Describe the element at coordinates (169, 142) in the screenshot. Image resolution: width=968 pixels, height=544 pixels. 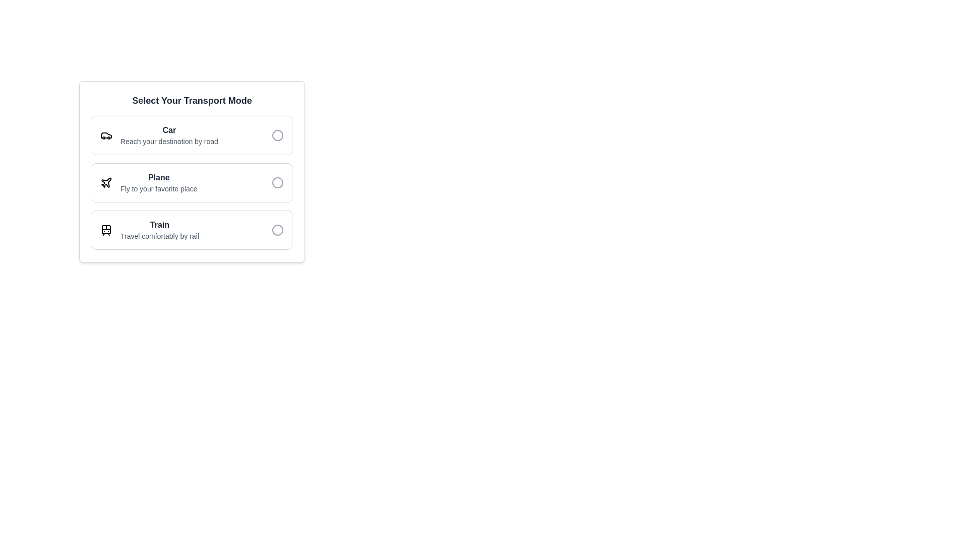
I see `static text label that says 'Reach your destination by road', which is located beneath the bold label 'Car' in the first selectable option of the transport modes list` at that location.